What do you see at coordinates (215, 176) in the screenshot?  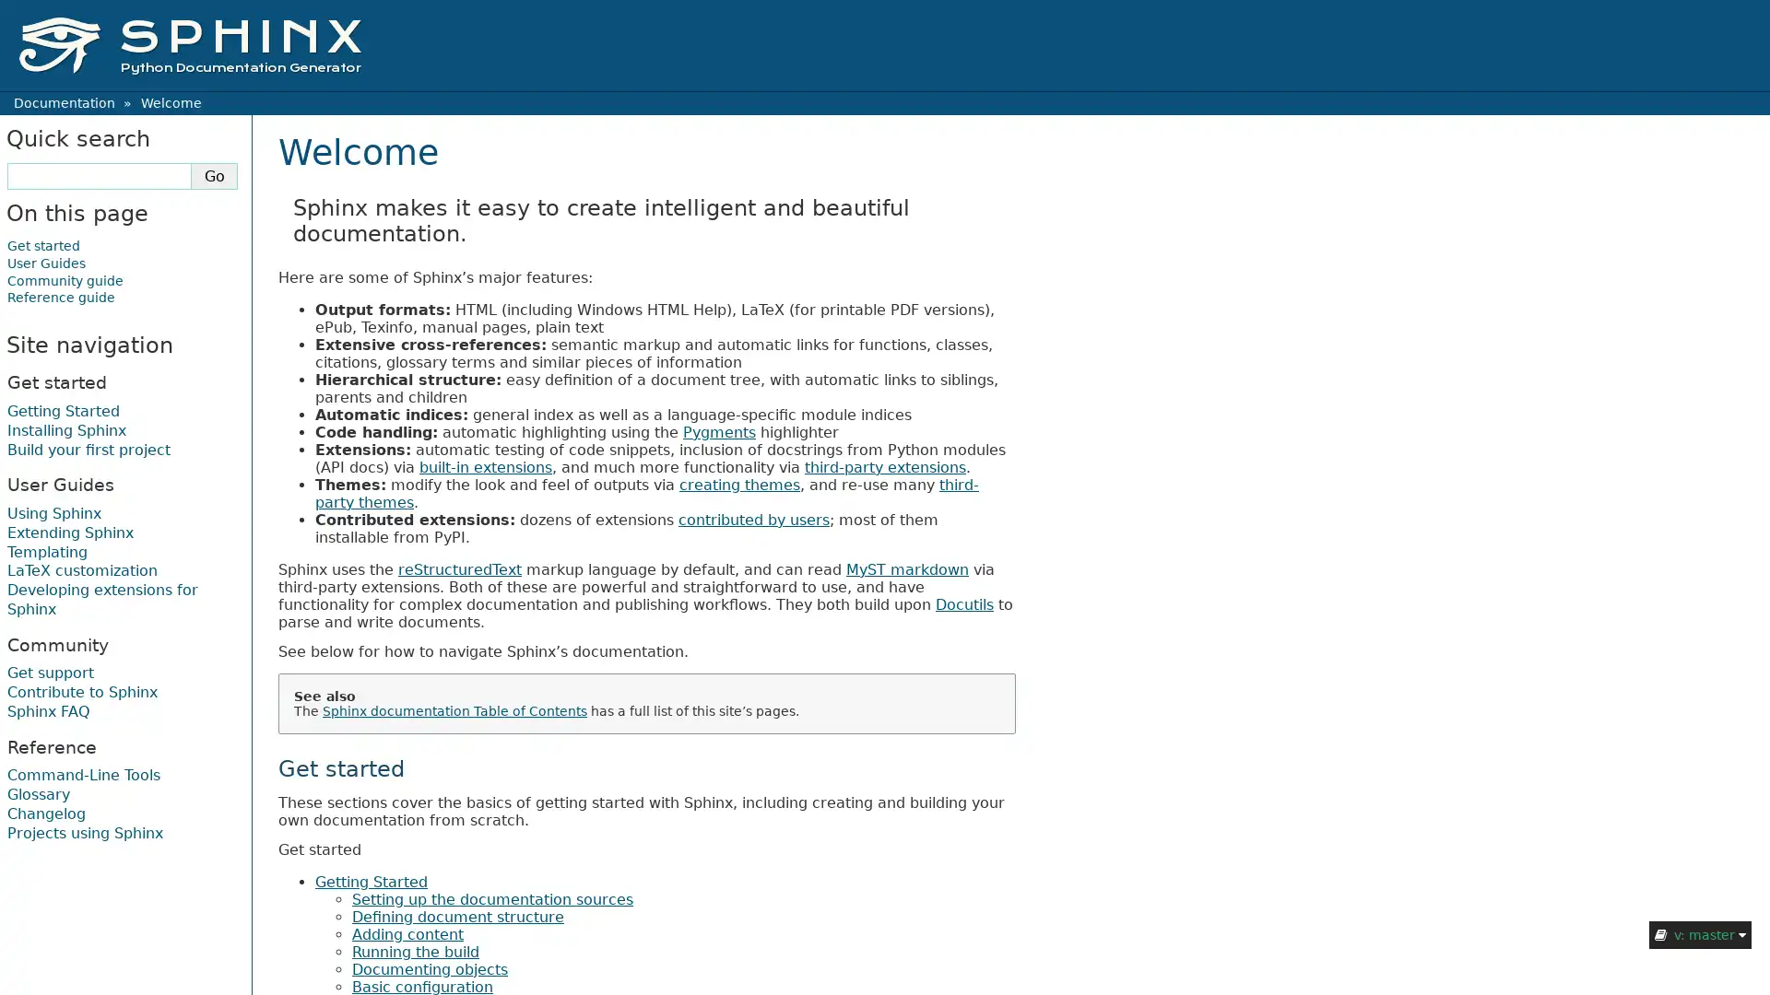 I see `Go` at bounding box center [215, 176].